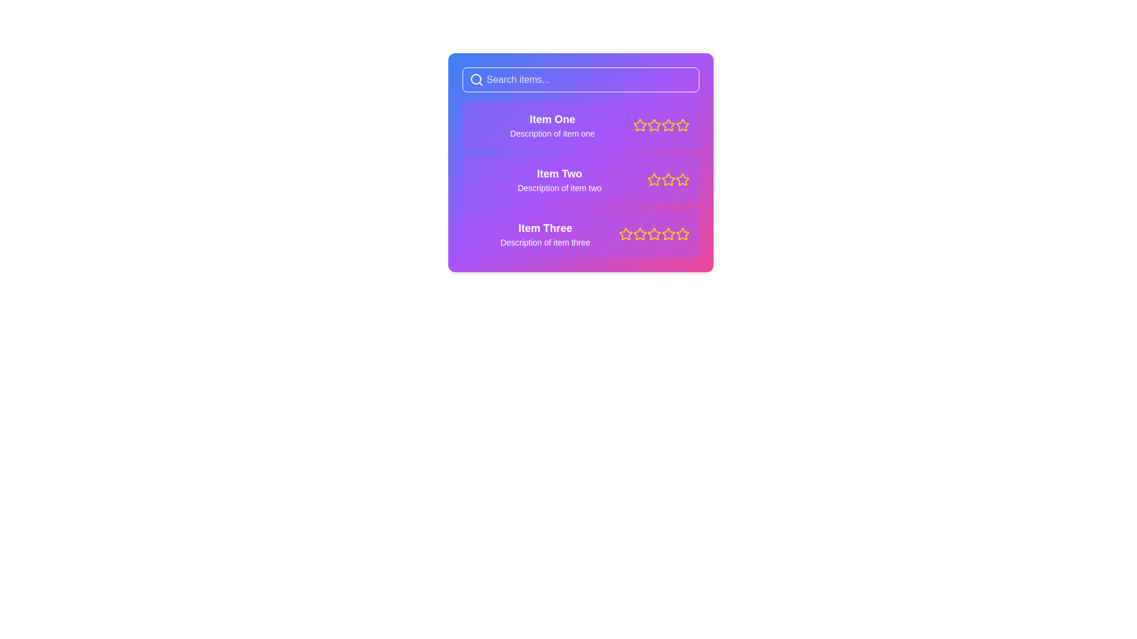 The image size is (1137, 639). Describe the element at coordinates (682, 179) in the screenshot. I see `the fourth star in the star rating indicator for 'Item Two', which visually represents a rating of four out of five` at that location.